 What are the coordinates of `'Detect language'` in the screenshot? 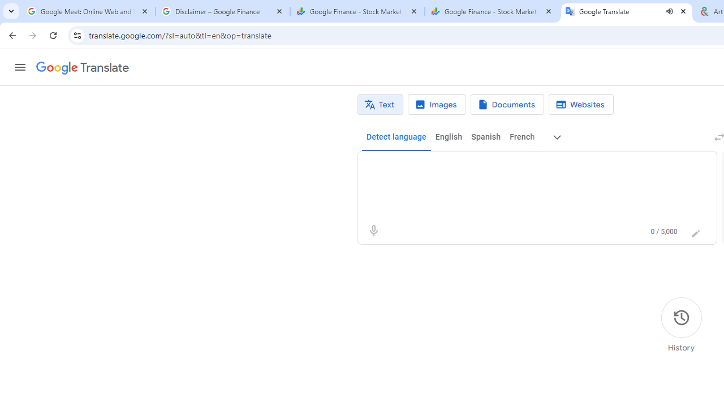 It's located at (396, 137).